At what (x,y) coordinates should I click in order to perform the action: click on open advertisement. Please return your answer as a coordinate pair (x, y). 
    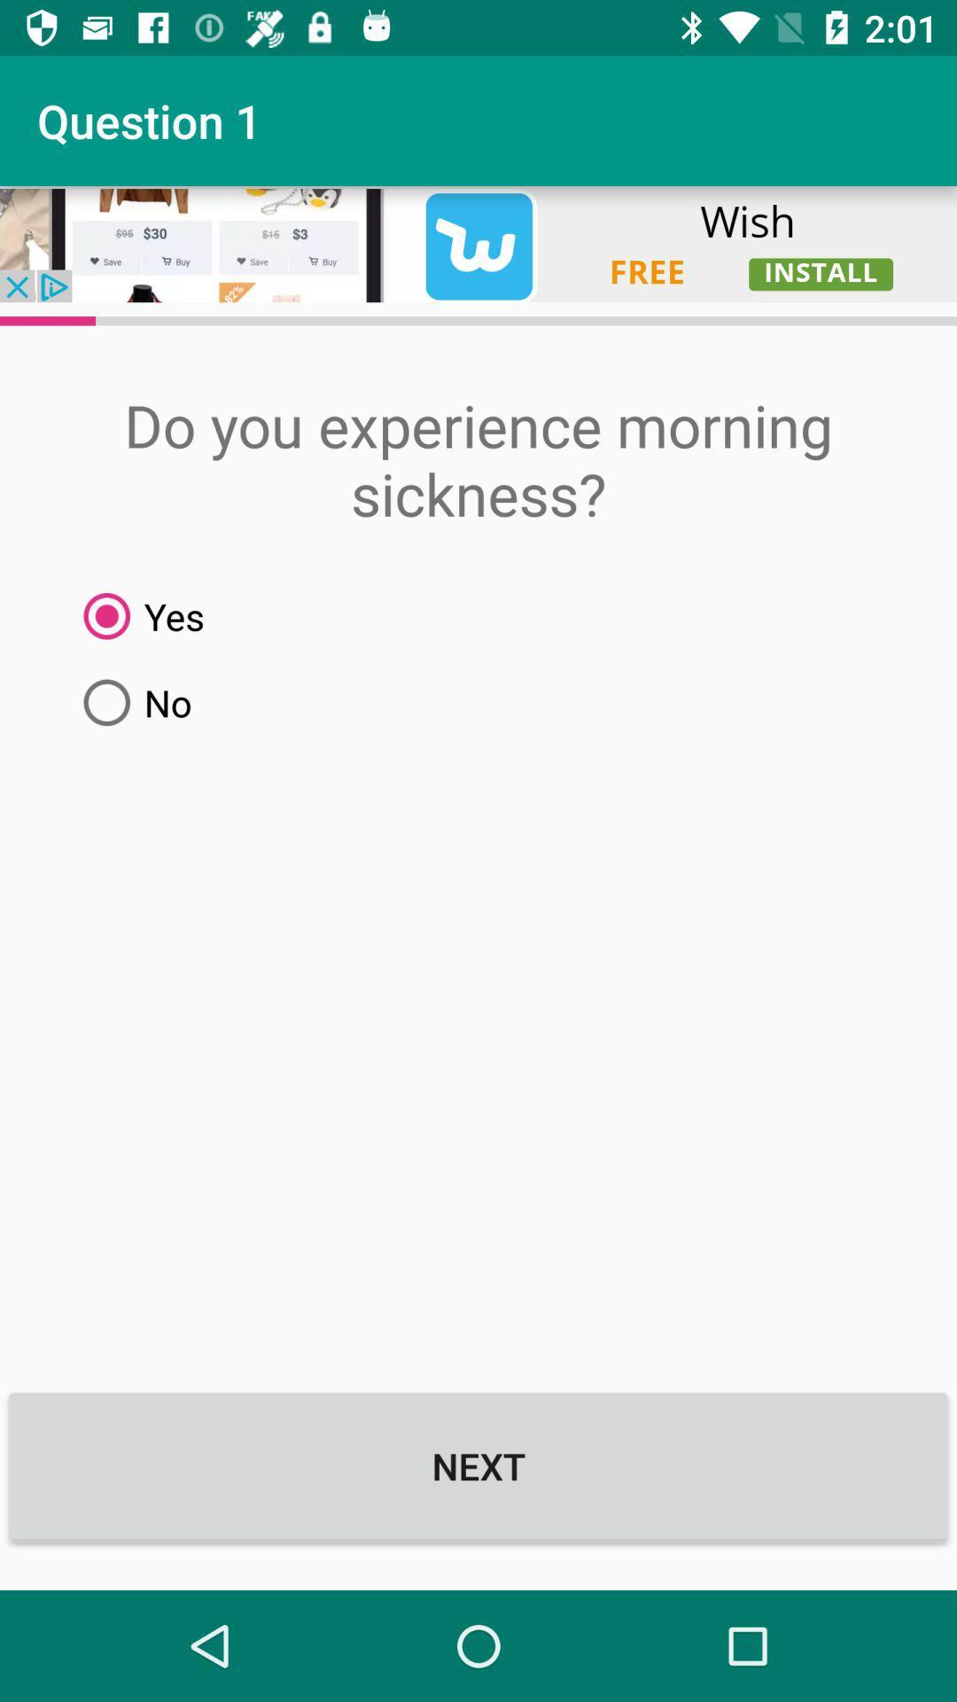
    Looking at the image, I should click on (478, 243).